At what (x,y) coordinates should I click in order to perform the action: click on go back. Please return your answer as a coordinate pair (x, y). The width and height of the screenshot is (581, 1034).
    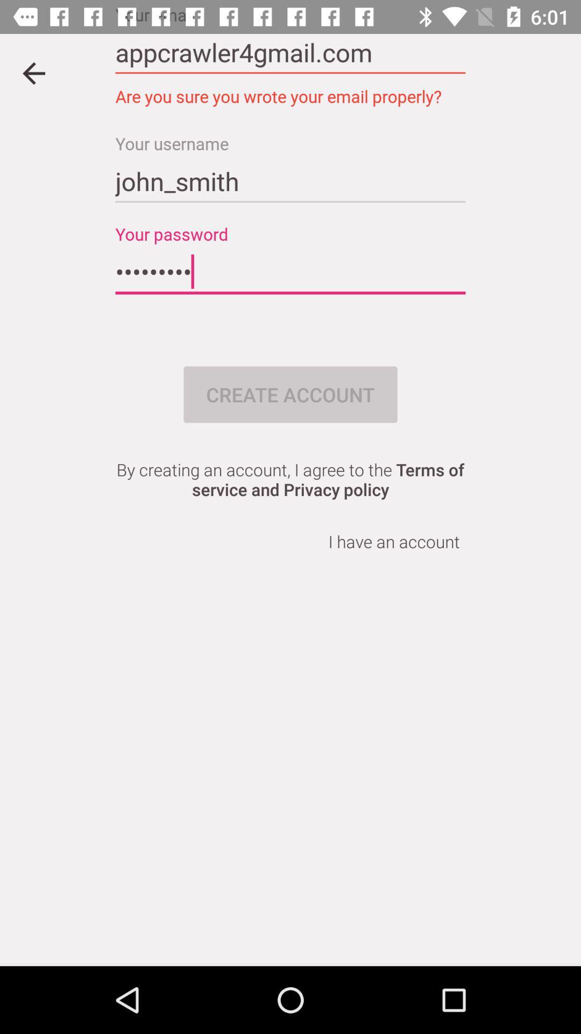
    Looking at the image, I should click on (33, 73).